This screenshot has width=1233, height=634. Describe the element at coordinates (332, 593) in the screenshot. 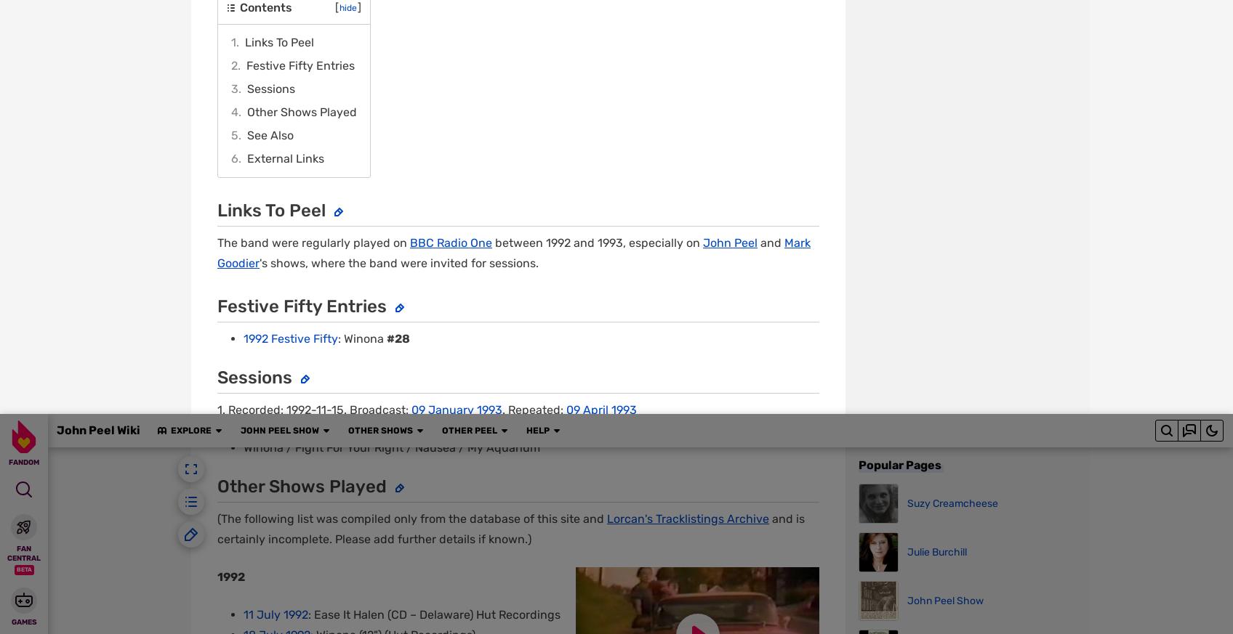

I see `'Explore properties'` at that location.